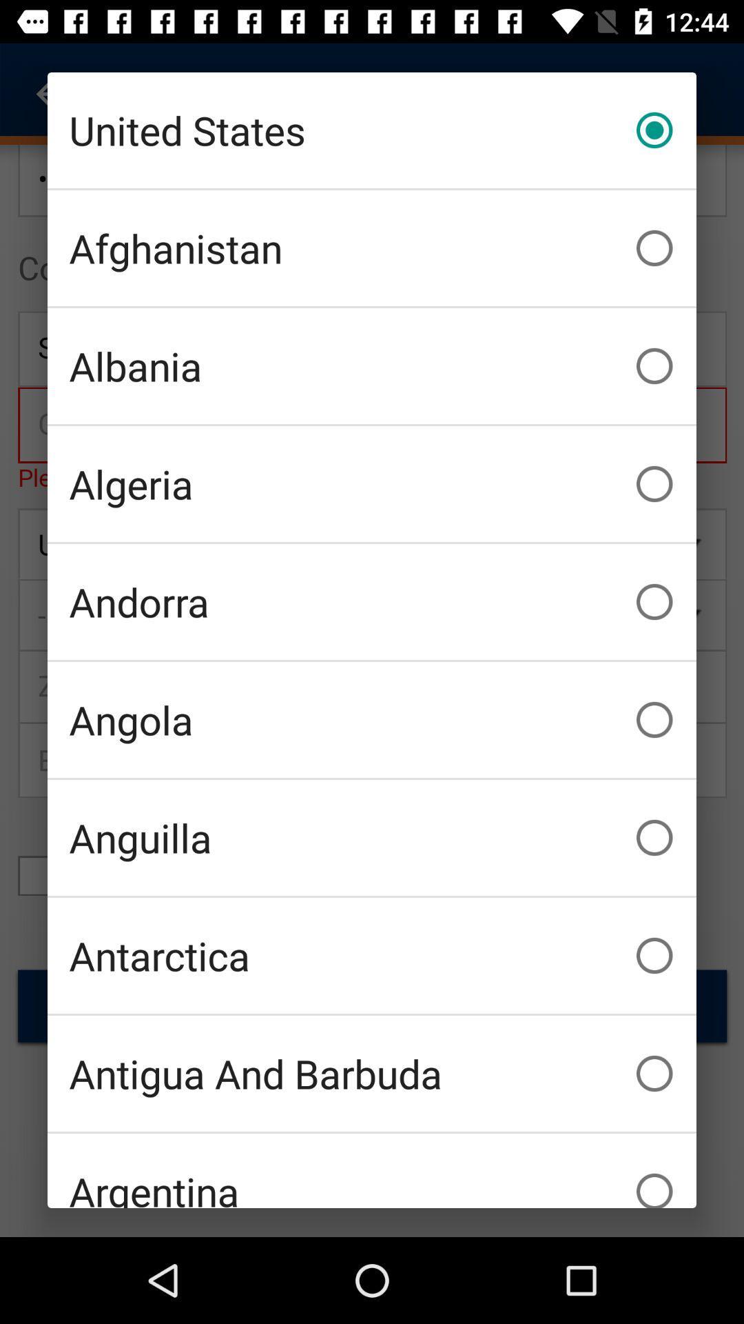 The image size is (744, 1324). What do you see at coordinates (372, 483) in the screenshot?
I see `item below albania item` at bounding box center [372, 483].